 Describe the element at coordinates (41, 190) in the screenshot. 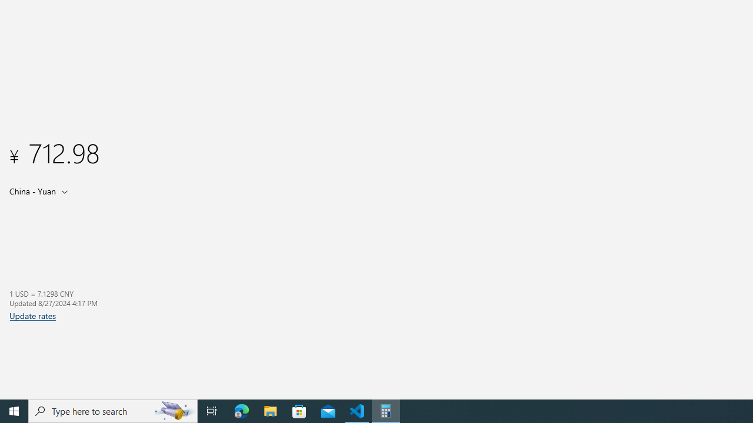

I see `'Output unit'` at that location.